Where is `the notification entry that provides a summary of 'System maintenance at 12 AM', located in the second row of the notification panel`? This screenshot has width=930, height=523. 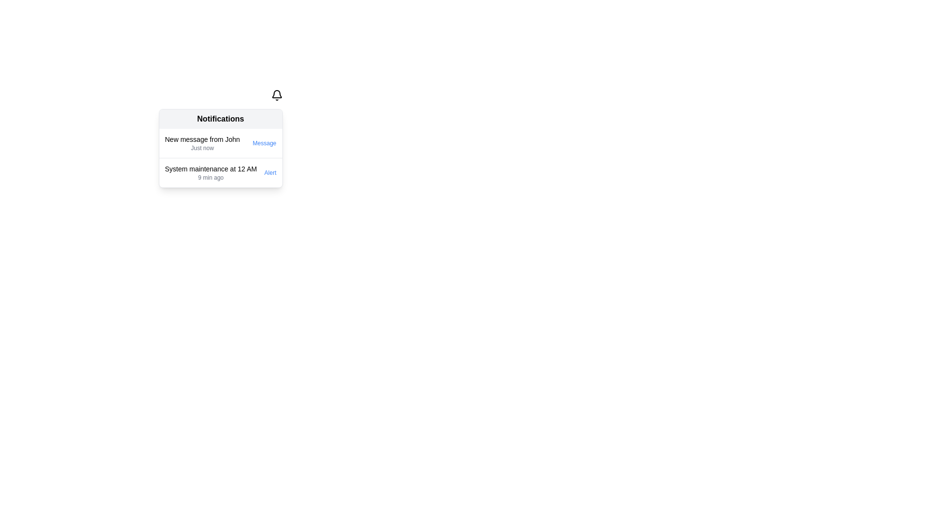 the notification entry that provides a summary of 'System maintenance at 12 AM', located in the second row of the notification panel is located at coordinates (220, 172).